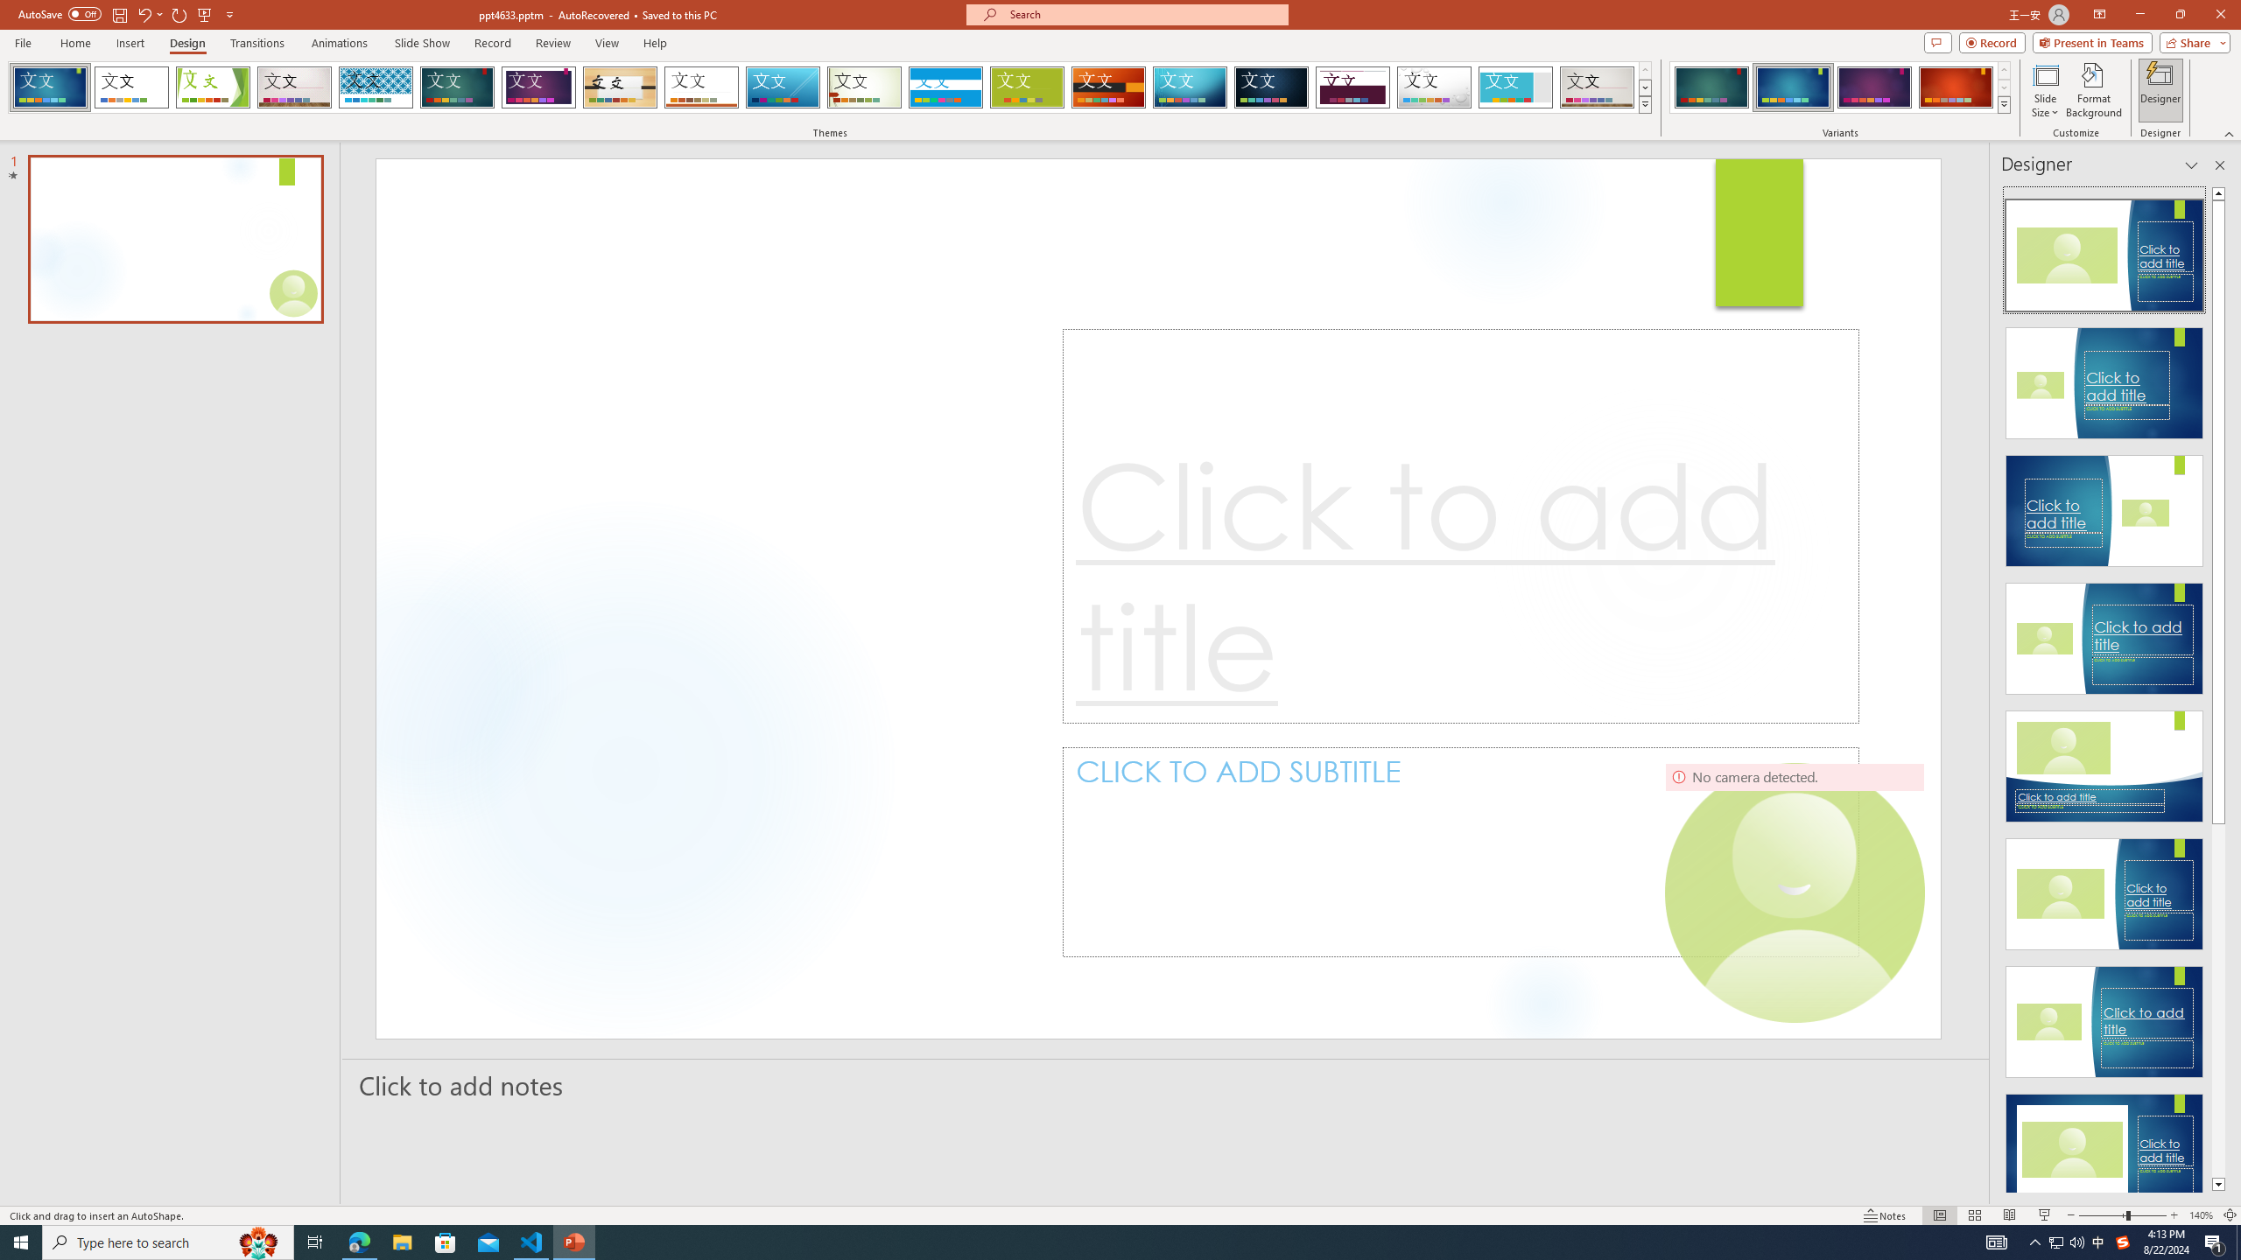  What do you see at coordinates (1109, 87) in the screenshot?
I see `'Berlin Loading Preview...'` at bounding box center [1109, 87].